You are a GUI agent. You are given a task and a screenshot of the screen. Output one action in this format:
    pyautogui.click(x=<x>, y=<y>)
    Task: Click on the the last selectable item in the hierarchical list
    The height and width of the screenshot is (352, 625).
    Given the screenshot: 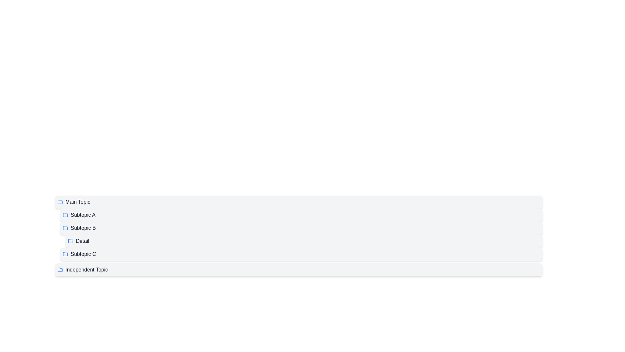 What is the action you would take?
    pyautogui.click(x=298, y=270)
    